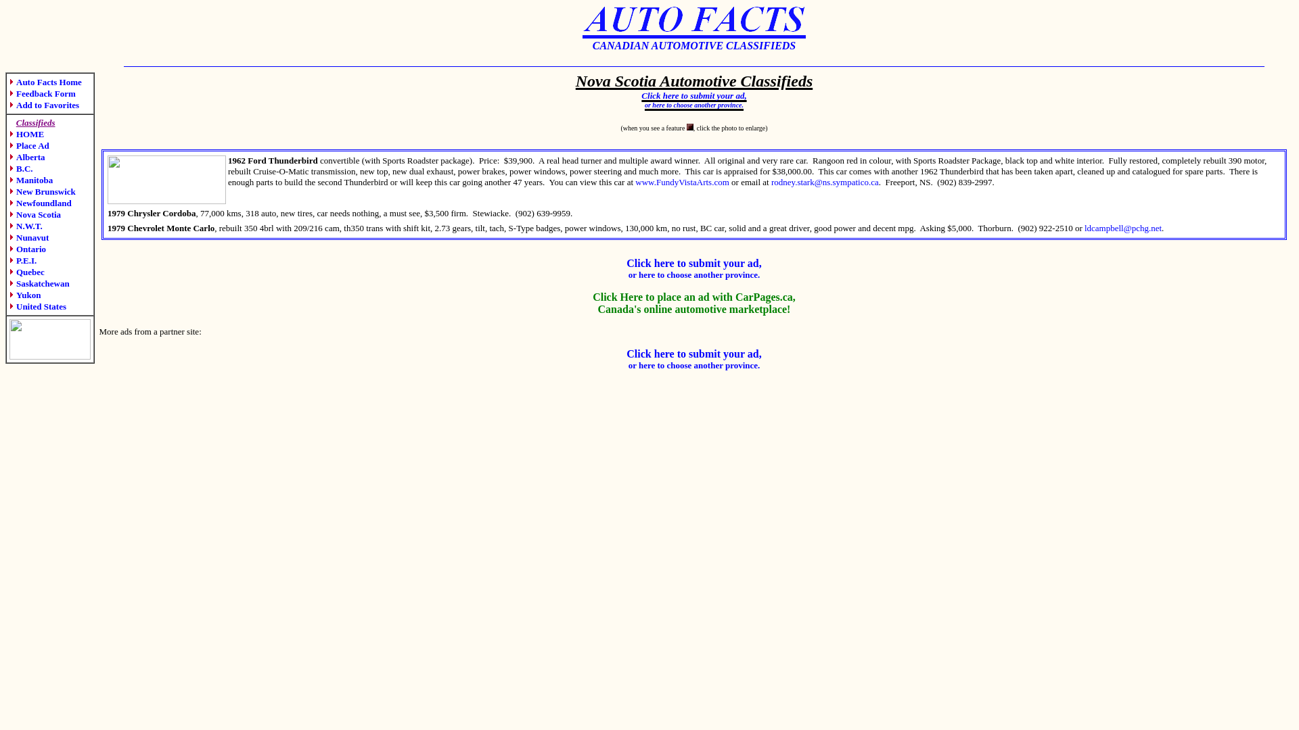 The height and width of the screenshot is (730, 1299). What do you see at coordinates (29, 237) in the screenshot?
I see `'Nunavut'` at bounding box center [29, 237].